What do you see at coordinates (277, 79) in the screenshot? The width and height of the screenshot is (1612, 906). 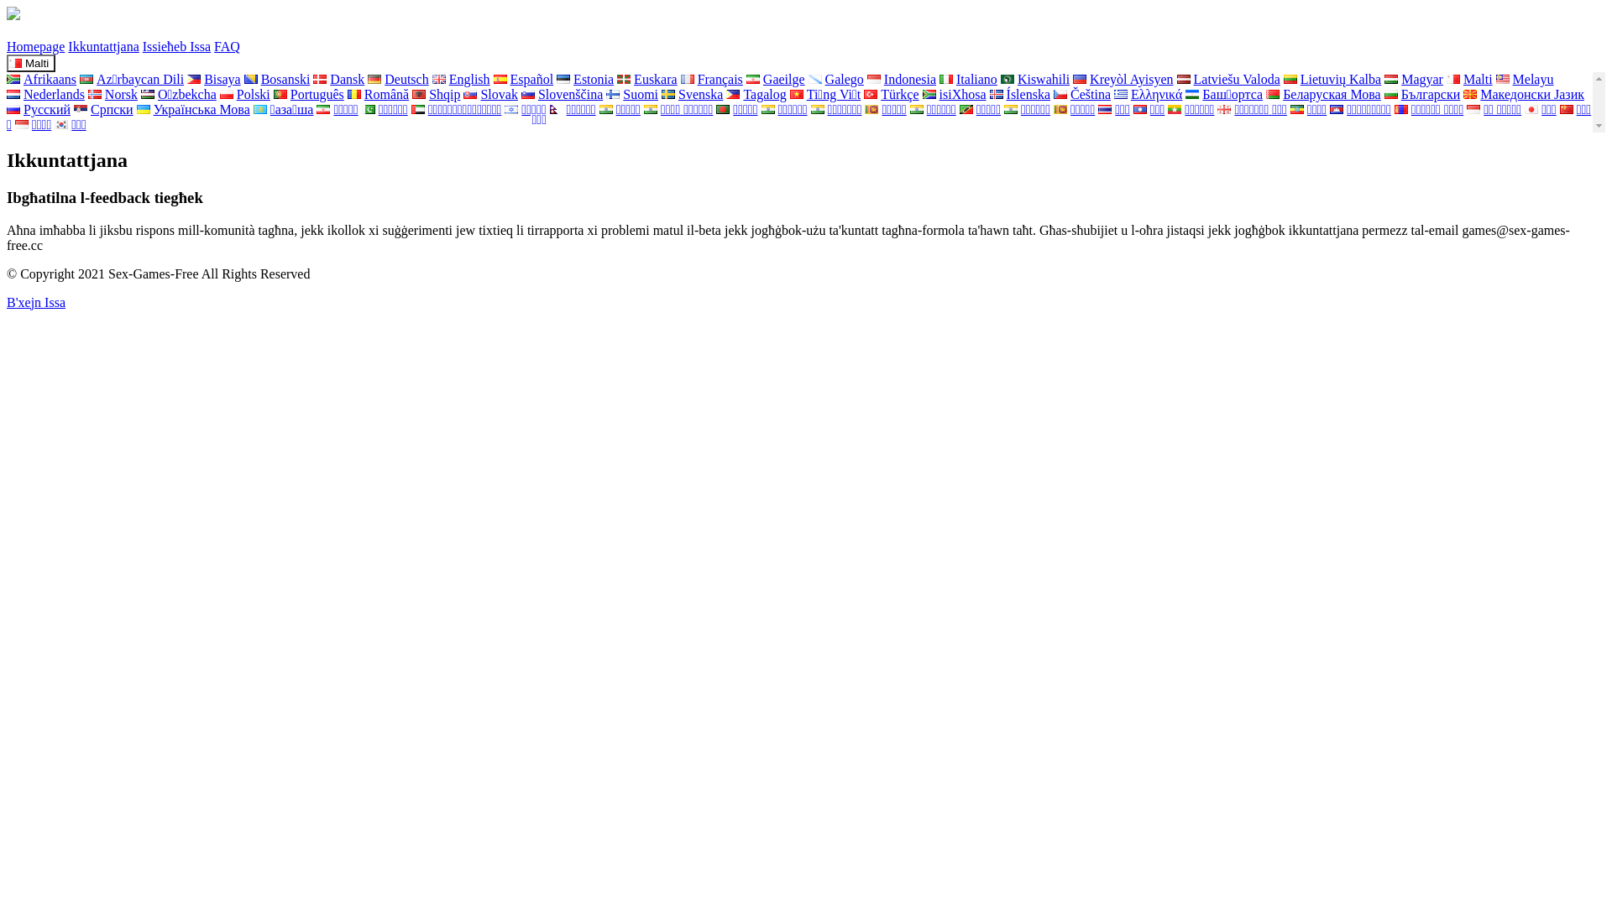 I see `'Bosanski'` at bounding box center [277, 79].